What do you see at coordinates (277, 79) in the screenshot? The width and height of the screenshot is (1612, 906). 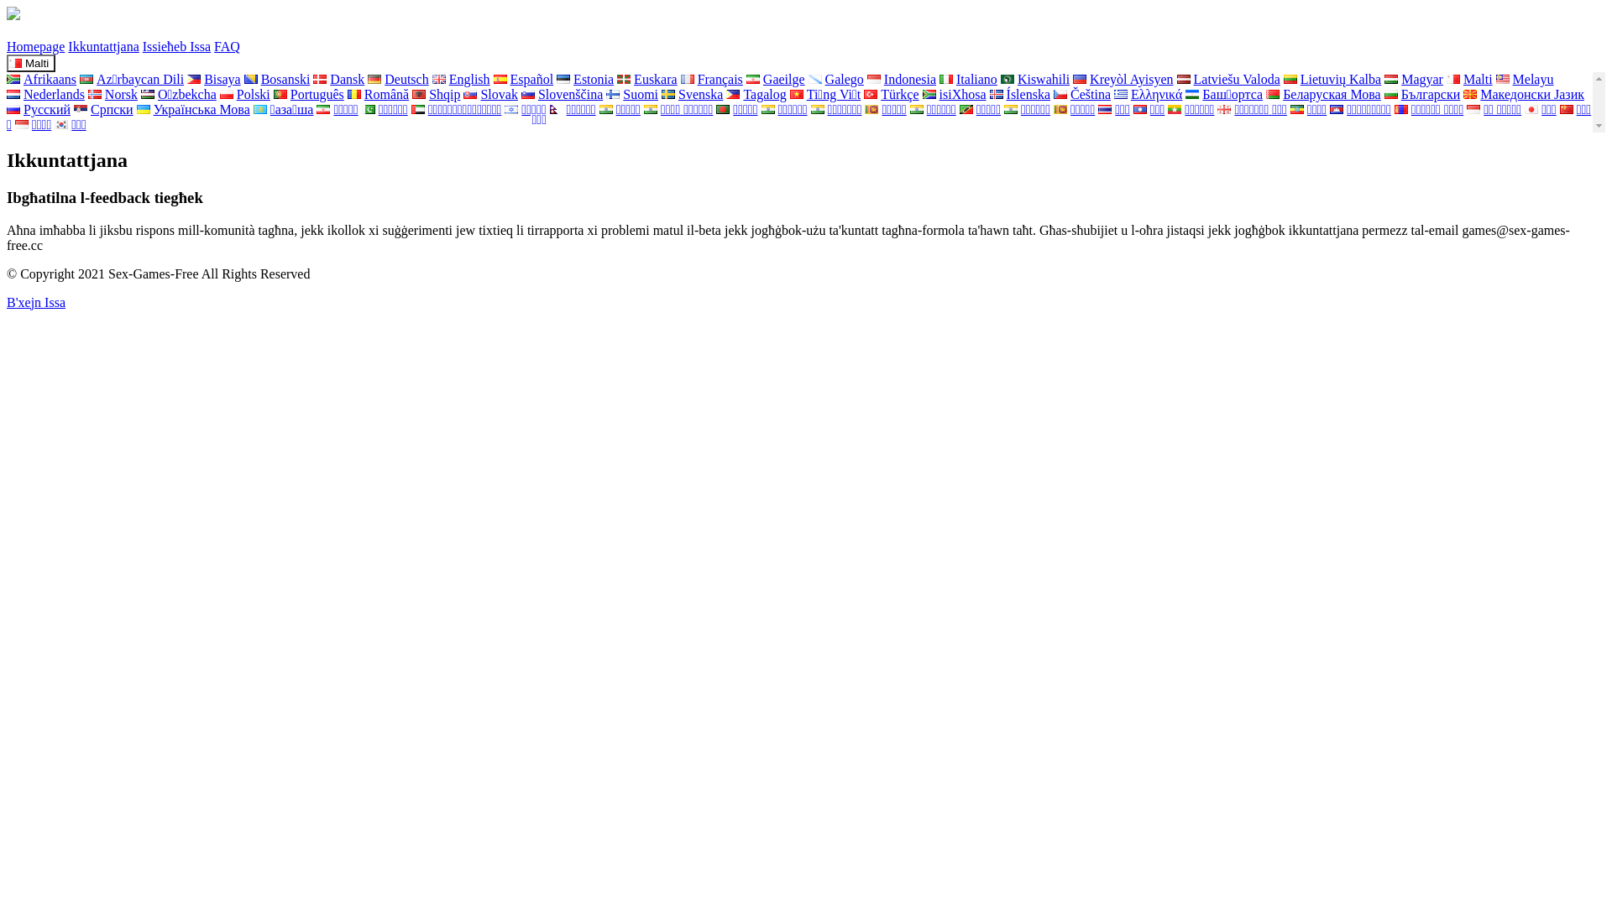 I see `'Bosanski'` at bounding box center [277, 79].